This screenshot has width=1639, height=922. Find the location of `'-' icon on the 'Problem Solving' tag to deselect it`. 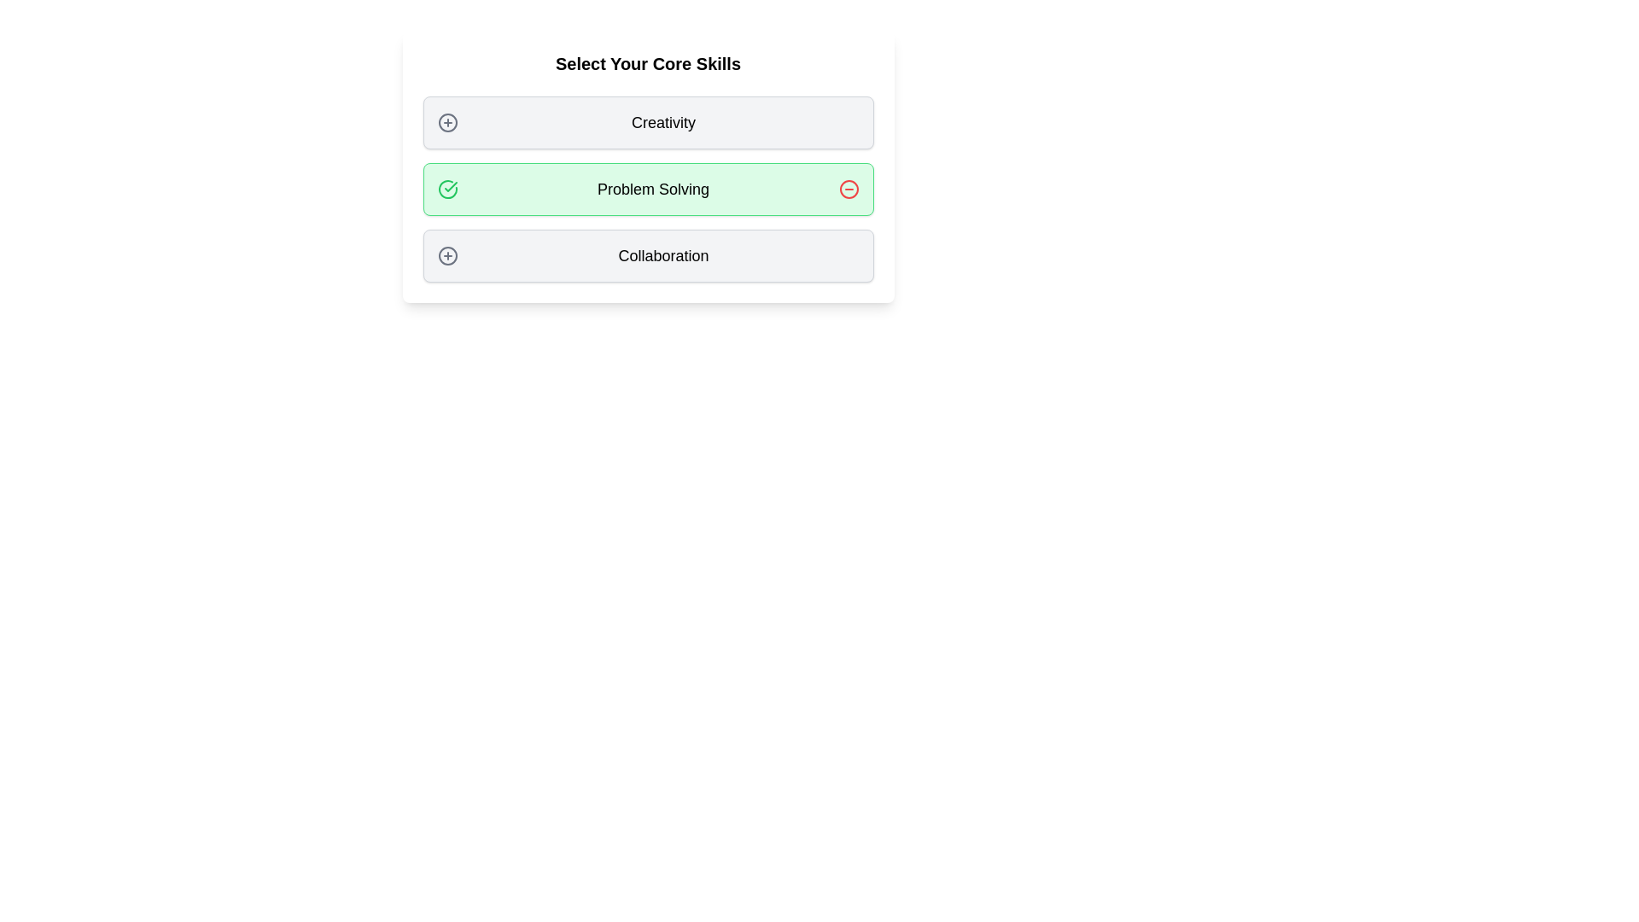

'-' icon on the 'Problem Solving' tag to deselect it is located at coordinates (849, 190).